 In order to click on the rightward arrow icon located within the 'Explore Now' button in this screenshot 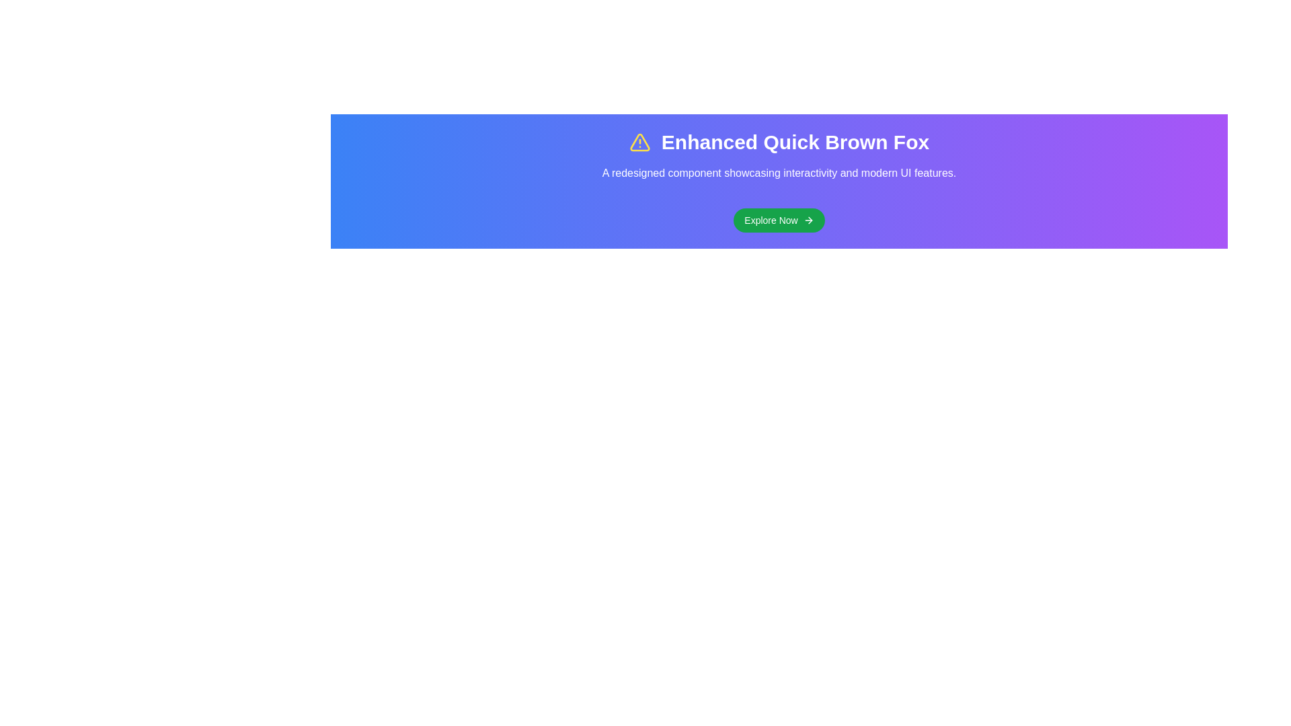, I will do `click(808, 219)`.